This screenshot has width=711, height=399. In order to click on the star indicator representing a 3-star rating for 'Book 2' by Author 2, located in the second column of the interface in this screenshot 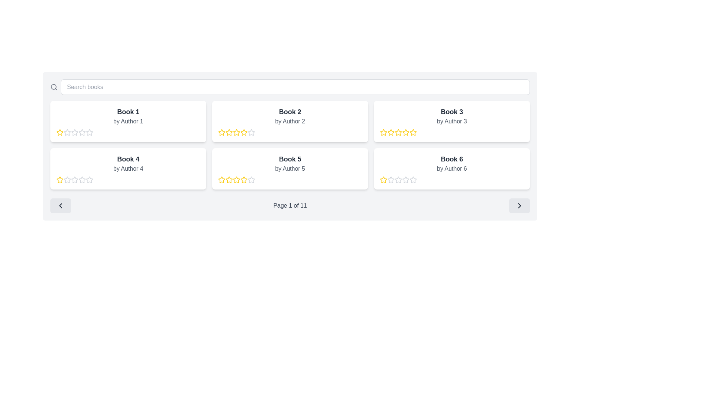, I will do `click(229, 132)`.